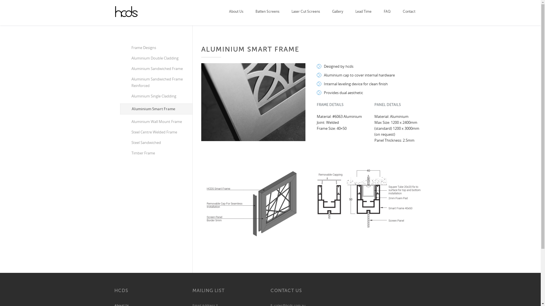 The image size is (545, 306). What do you see at coordinates (156, 153) in the screenshot?
I see `'Timber Frame'` at bounding box center [156, 153].